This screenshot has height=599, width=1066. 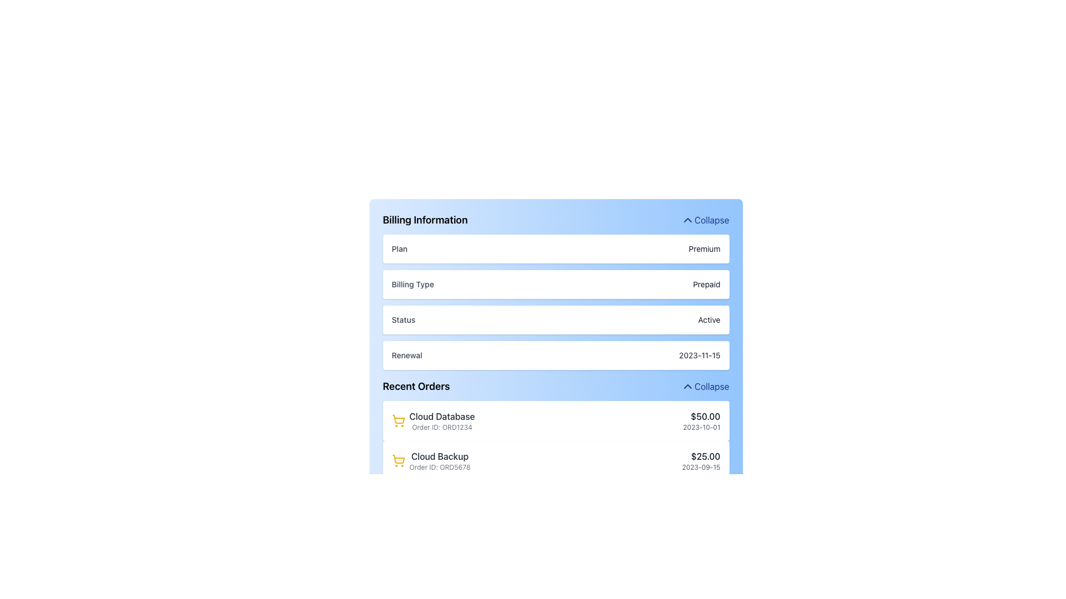 What do you see at coordinates (439, 456) in the screenshot?
I see `and copy the text label that reads 'Cloud Backup' located in the second order entry of the 'Recent Orders' section` at bounding box center [439, 456].